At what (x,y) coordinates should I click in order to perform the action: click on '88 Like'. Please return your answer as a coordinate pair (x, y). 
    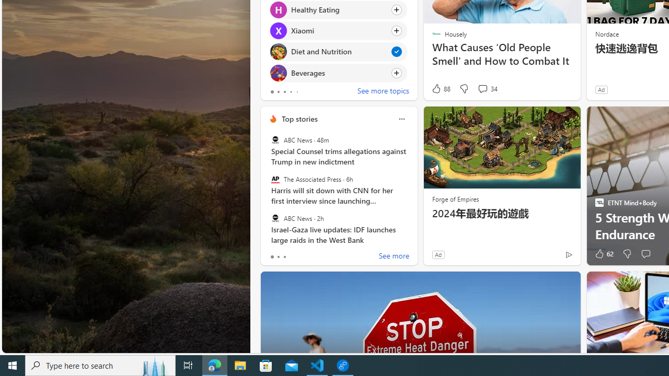
    Looking at the image, I should click on (441, 88).